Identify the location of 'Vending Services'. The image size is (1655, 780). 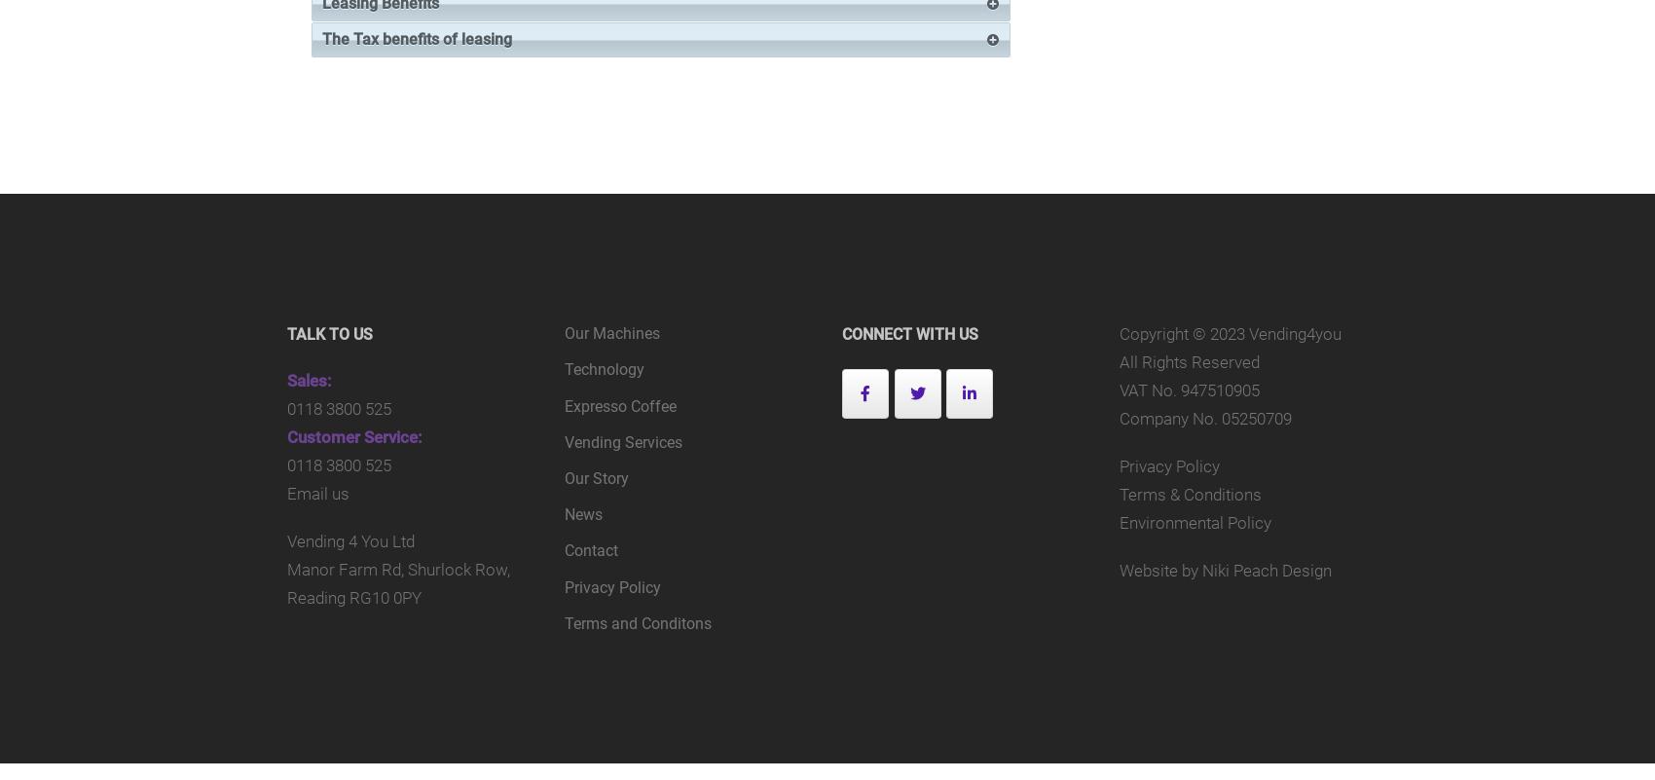
(623, 441).